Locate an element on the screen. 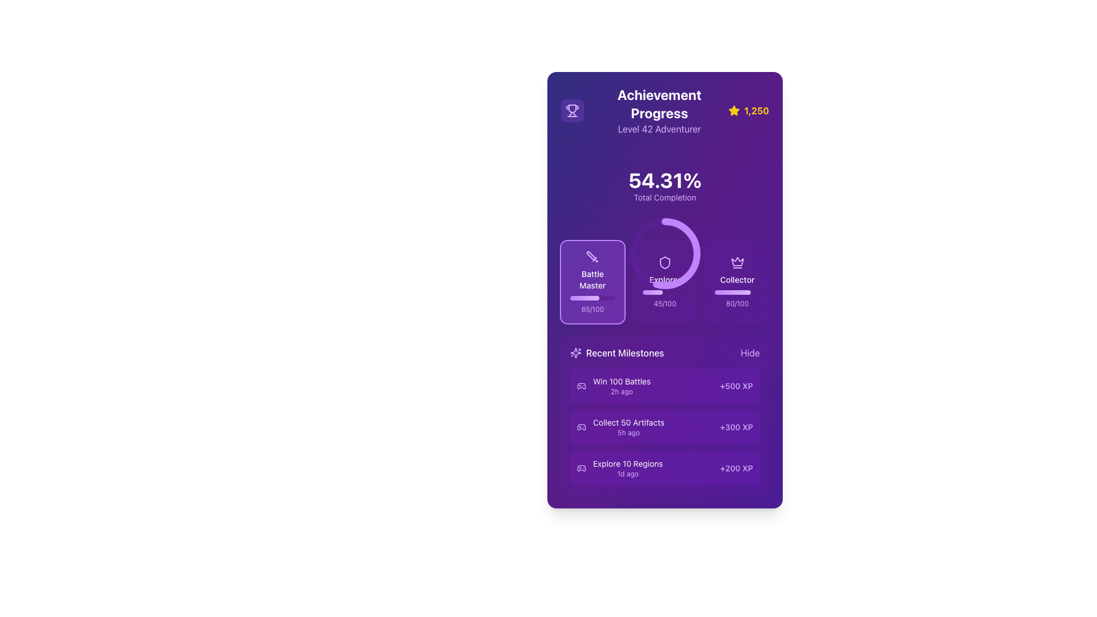 The image size is (1097, 617). the 'Battle Master' achievement icon located at the top-center of the card component, which visually represents the achievement is located at coordinates (592, 257).